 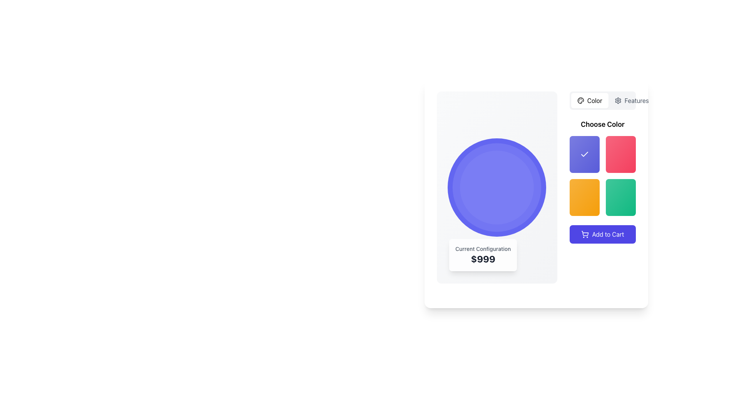 What do you see at coordinates (618, 100) in the screenshot?
I see `the settings decorative icon that is part of the 'Features' button located in the top-right section of the interface` at bounding box center [618, 100].